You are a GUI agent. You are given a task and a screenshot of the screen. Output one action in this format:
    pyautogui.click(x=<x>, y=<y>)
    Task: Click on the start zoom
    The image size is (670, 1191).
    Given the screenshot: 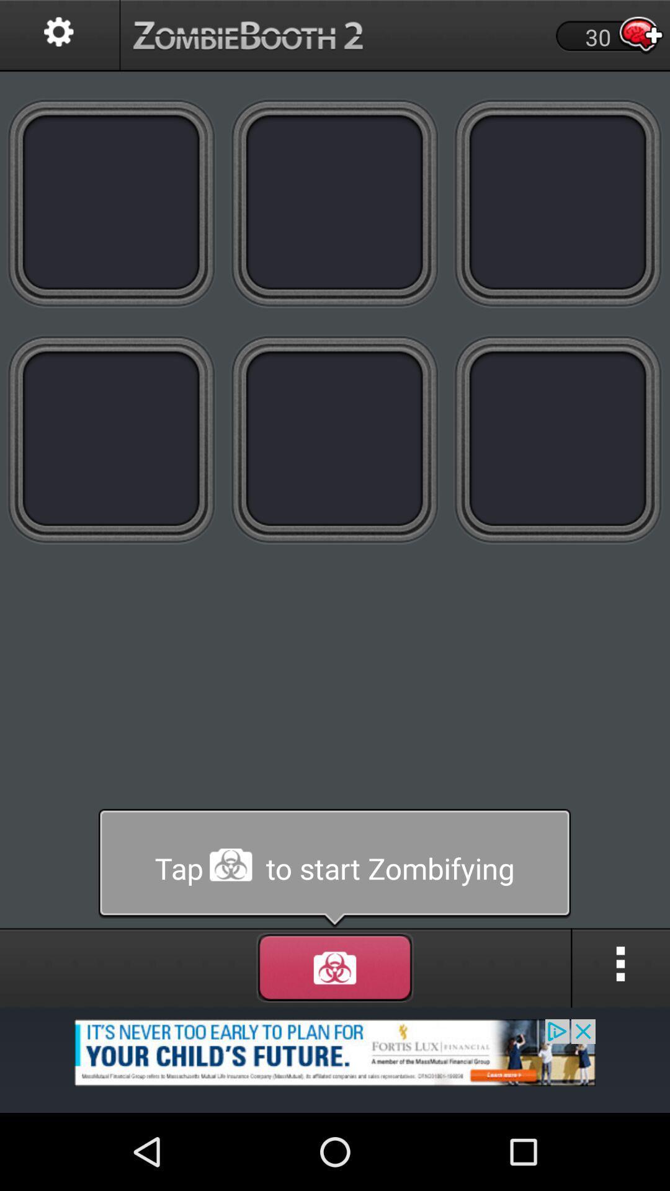 What is the action you would take?
    pyautogui.click(x=334, y=868)
    